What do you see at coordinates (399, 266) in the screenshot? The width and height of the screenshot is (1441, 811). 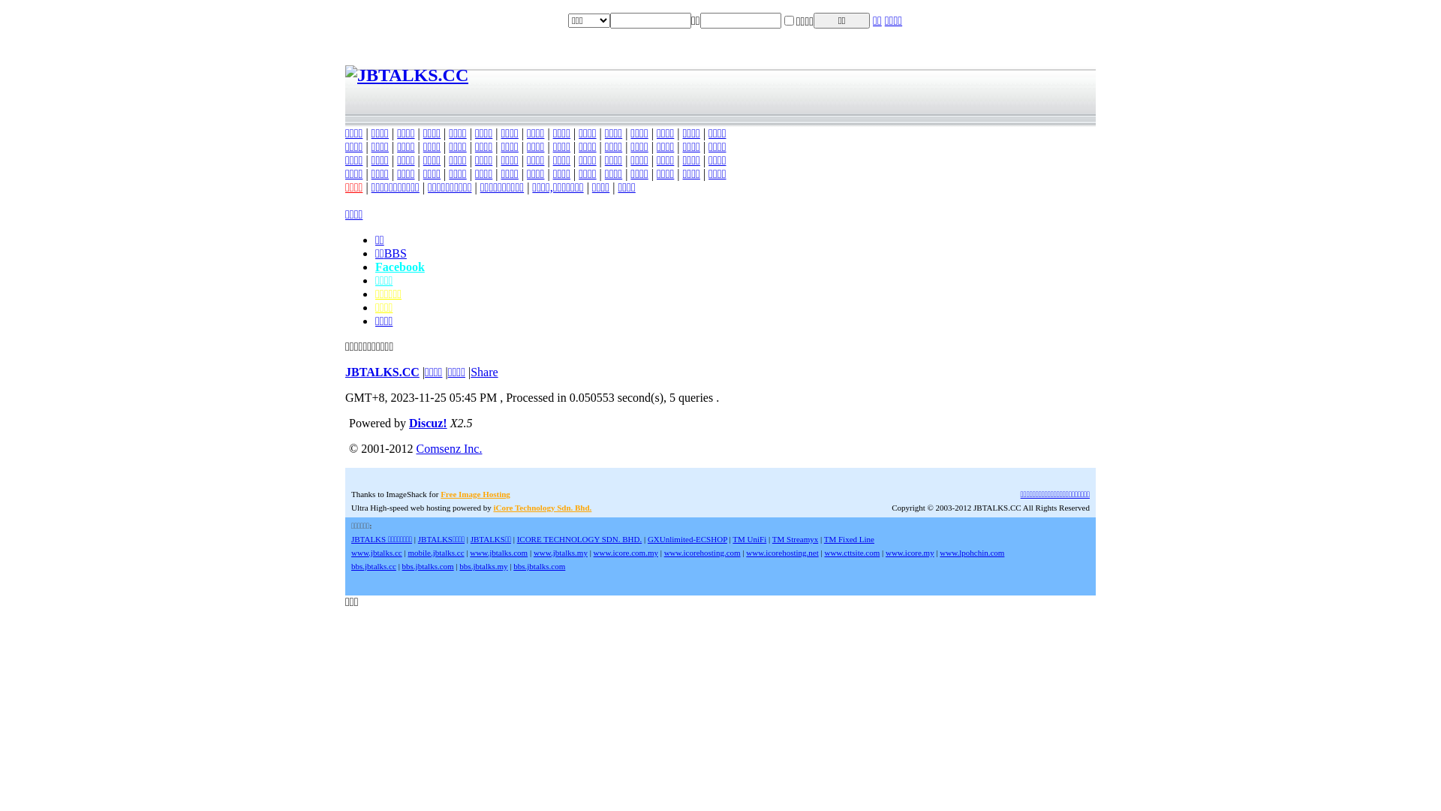 I see `'Facebook'` at bounding box center [399, 266].